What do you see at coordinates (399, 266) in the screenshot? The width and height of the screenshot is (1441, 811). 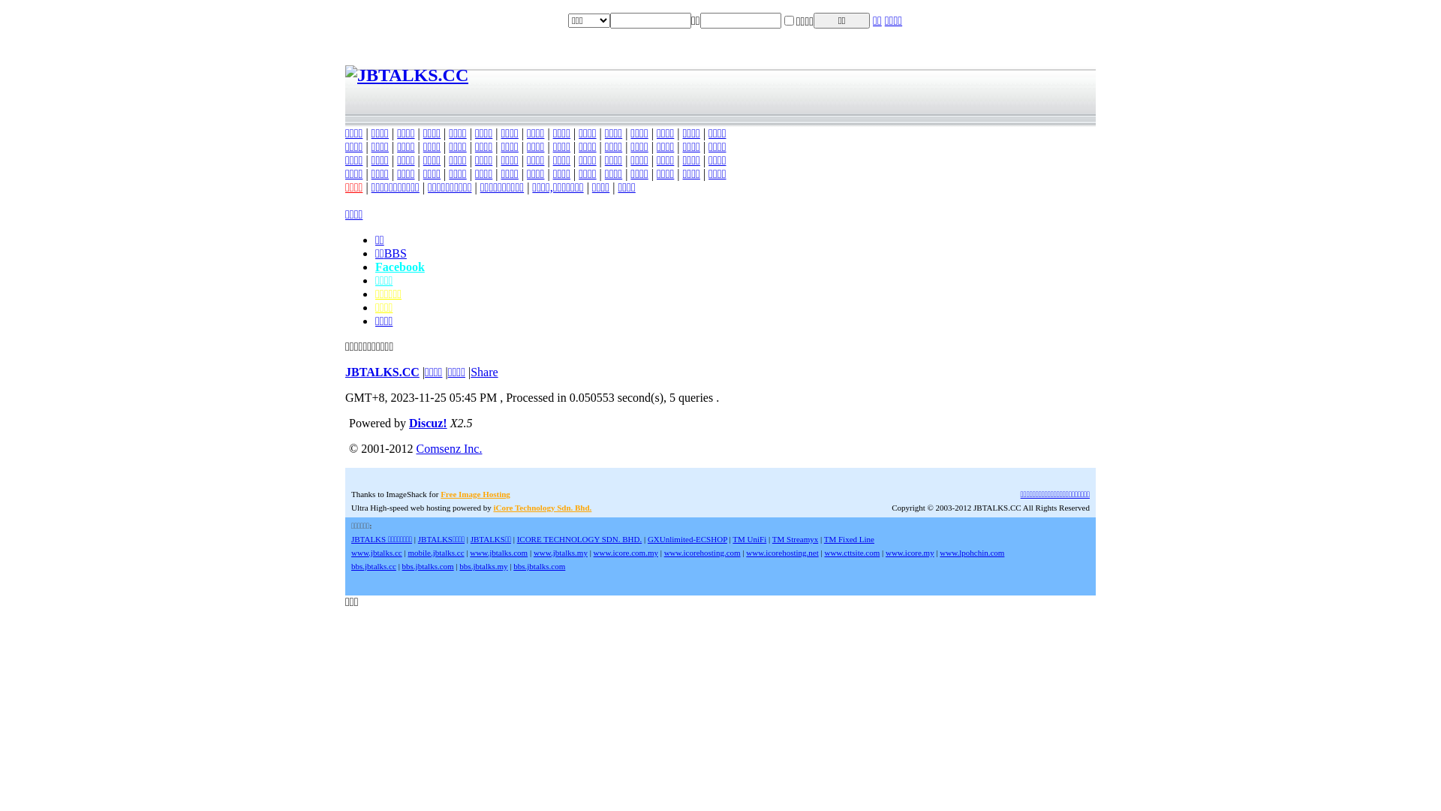 I see `'Facebook'` at bounding box center [399, 266].